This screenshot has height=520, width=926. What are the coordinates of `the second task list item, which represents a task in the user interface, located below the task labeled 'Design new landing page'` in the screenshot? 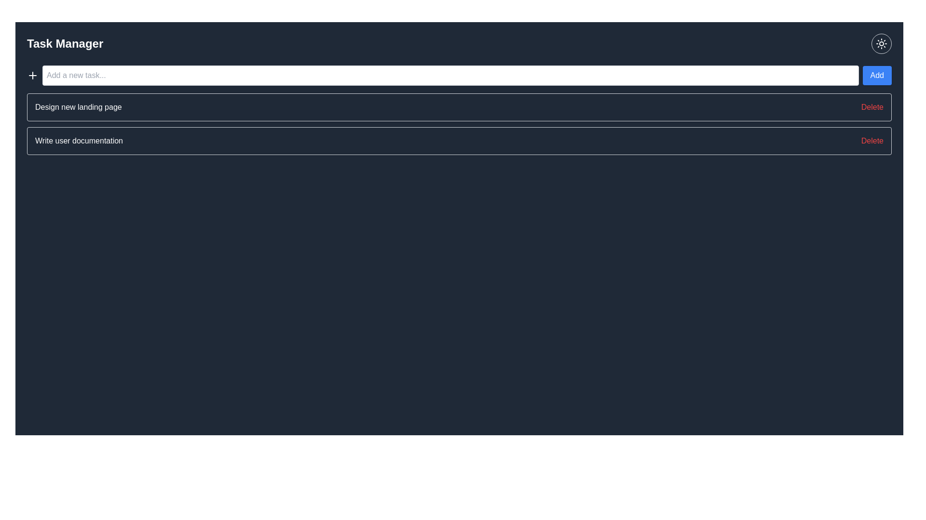 It's located at (459, 141).